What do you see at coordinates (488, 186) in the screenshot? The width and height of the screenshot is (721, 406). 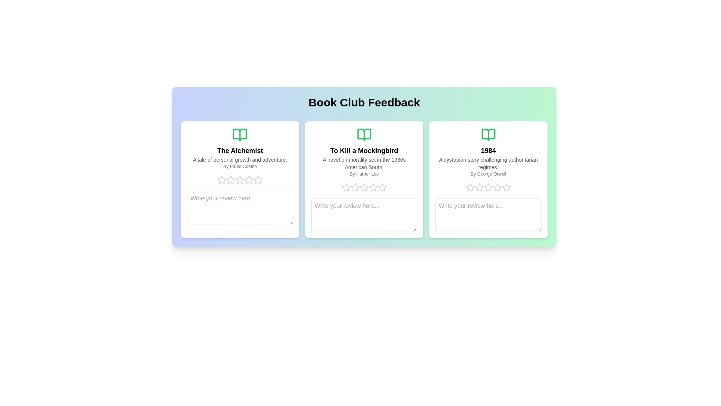 I see `the second star icon in the row of star ratings below the text '1984' to rate it` at bounding box center [488, 186].